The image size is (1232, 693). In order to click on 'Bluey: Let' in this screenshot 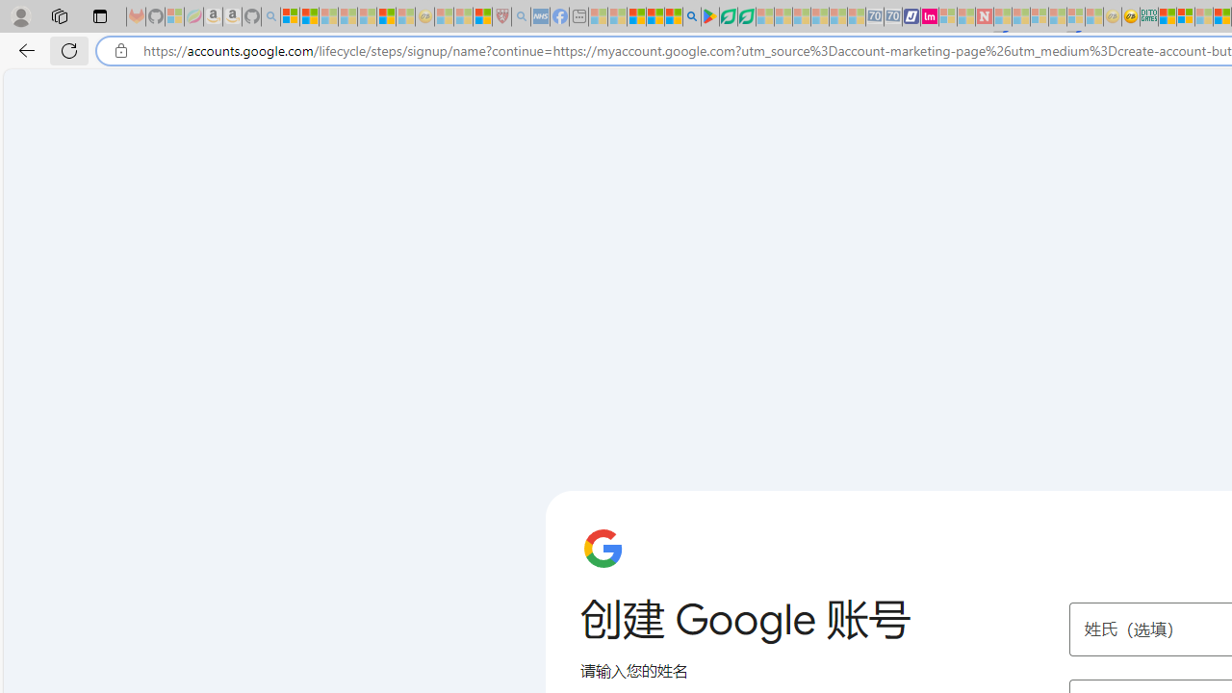, I will do `click(708, 16)`.